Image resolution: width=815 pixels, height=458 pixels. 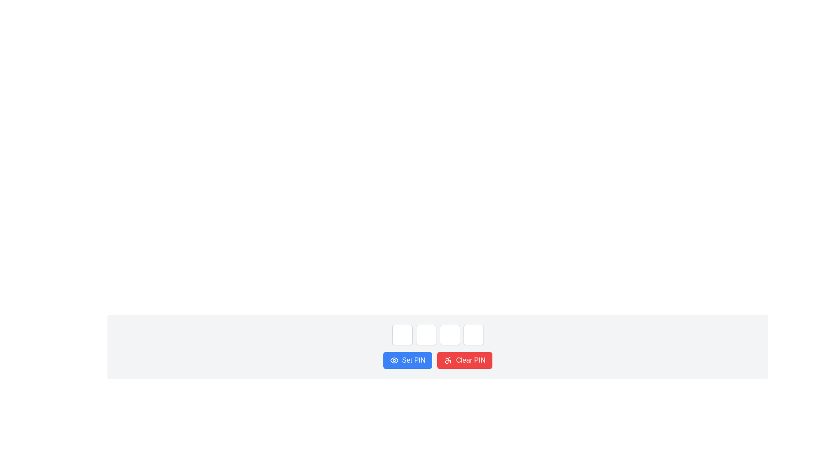 What do you see at coordinates (448, 360) in the screenshot?
I see `the icon located to the left of the text label inside the 'Clear PIN' button` at bounding box center [448, 360].